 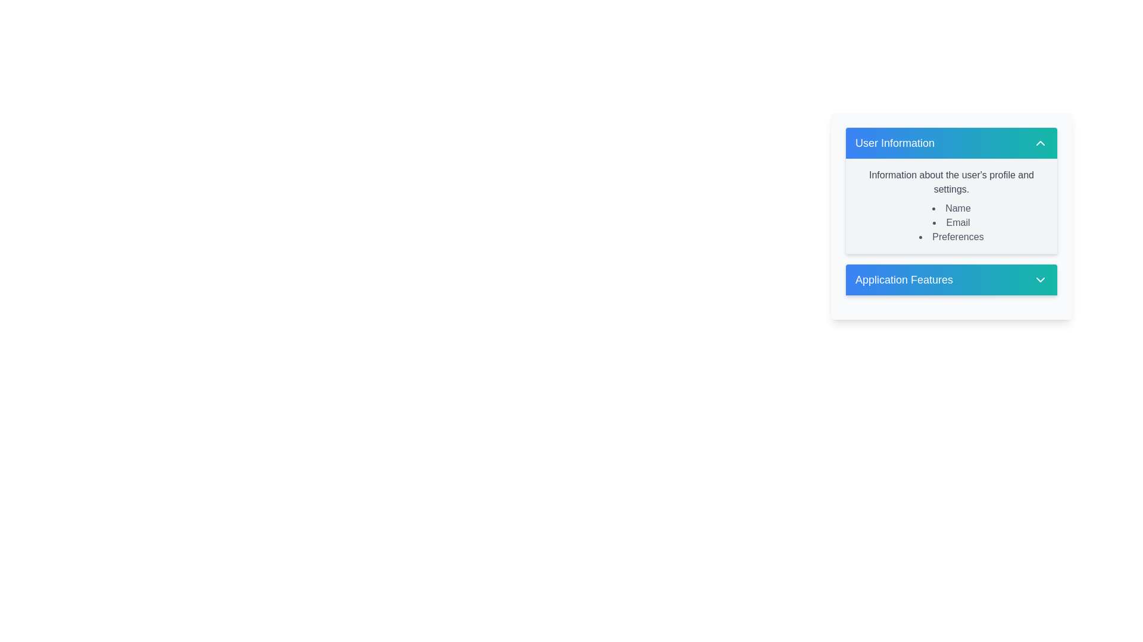 What do you see at coordinates (1039, 279) in the screenshot?
I see `the downward-pointing chevron-shaped icon with a blue-to-teal gradient background located at the right side of the 'Application Features' section` at bounding box center [1039, 279].